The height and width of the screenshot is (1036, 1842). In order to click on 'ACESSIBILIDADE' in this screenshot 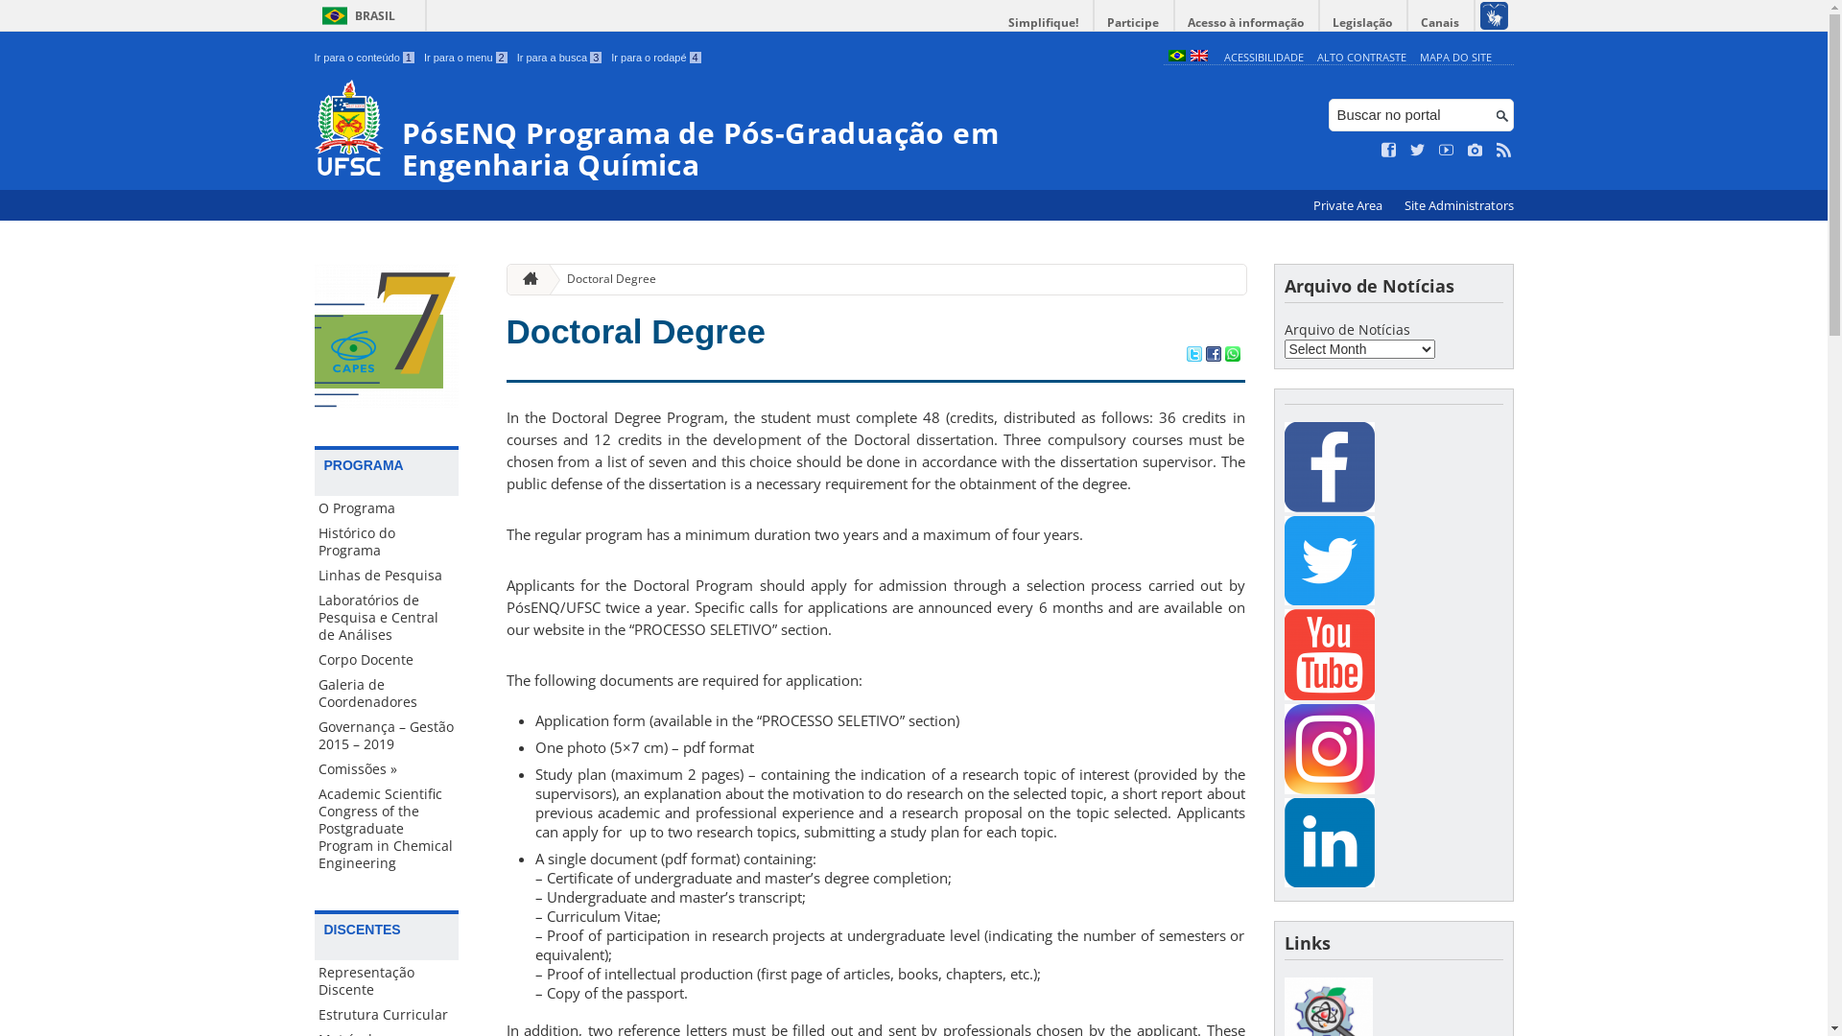, I will do `click(1263, 56)`.